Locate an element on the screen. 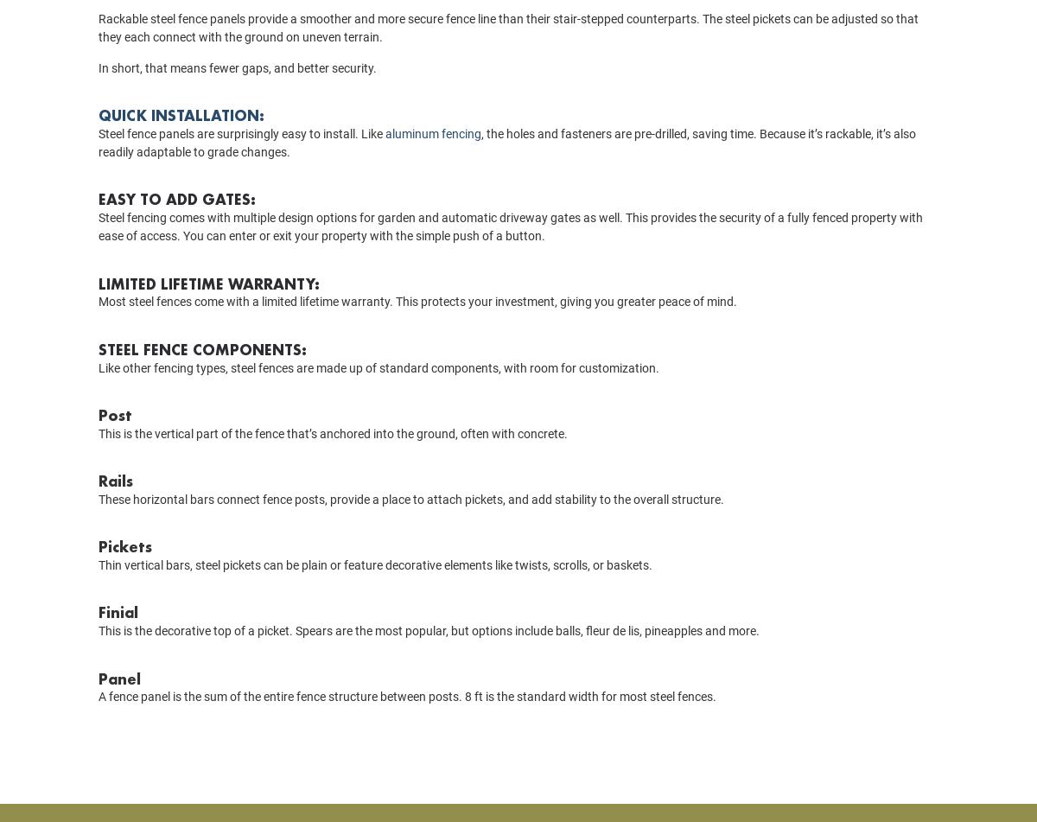 The height and width of the screenshot is (822, 1037). ', the holes and fasteners are pre-drilled, saving time. Because it’s rackable, it’s also readily adaptable to grade changes.' is located at coordinates (99, 167).